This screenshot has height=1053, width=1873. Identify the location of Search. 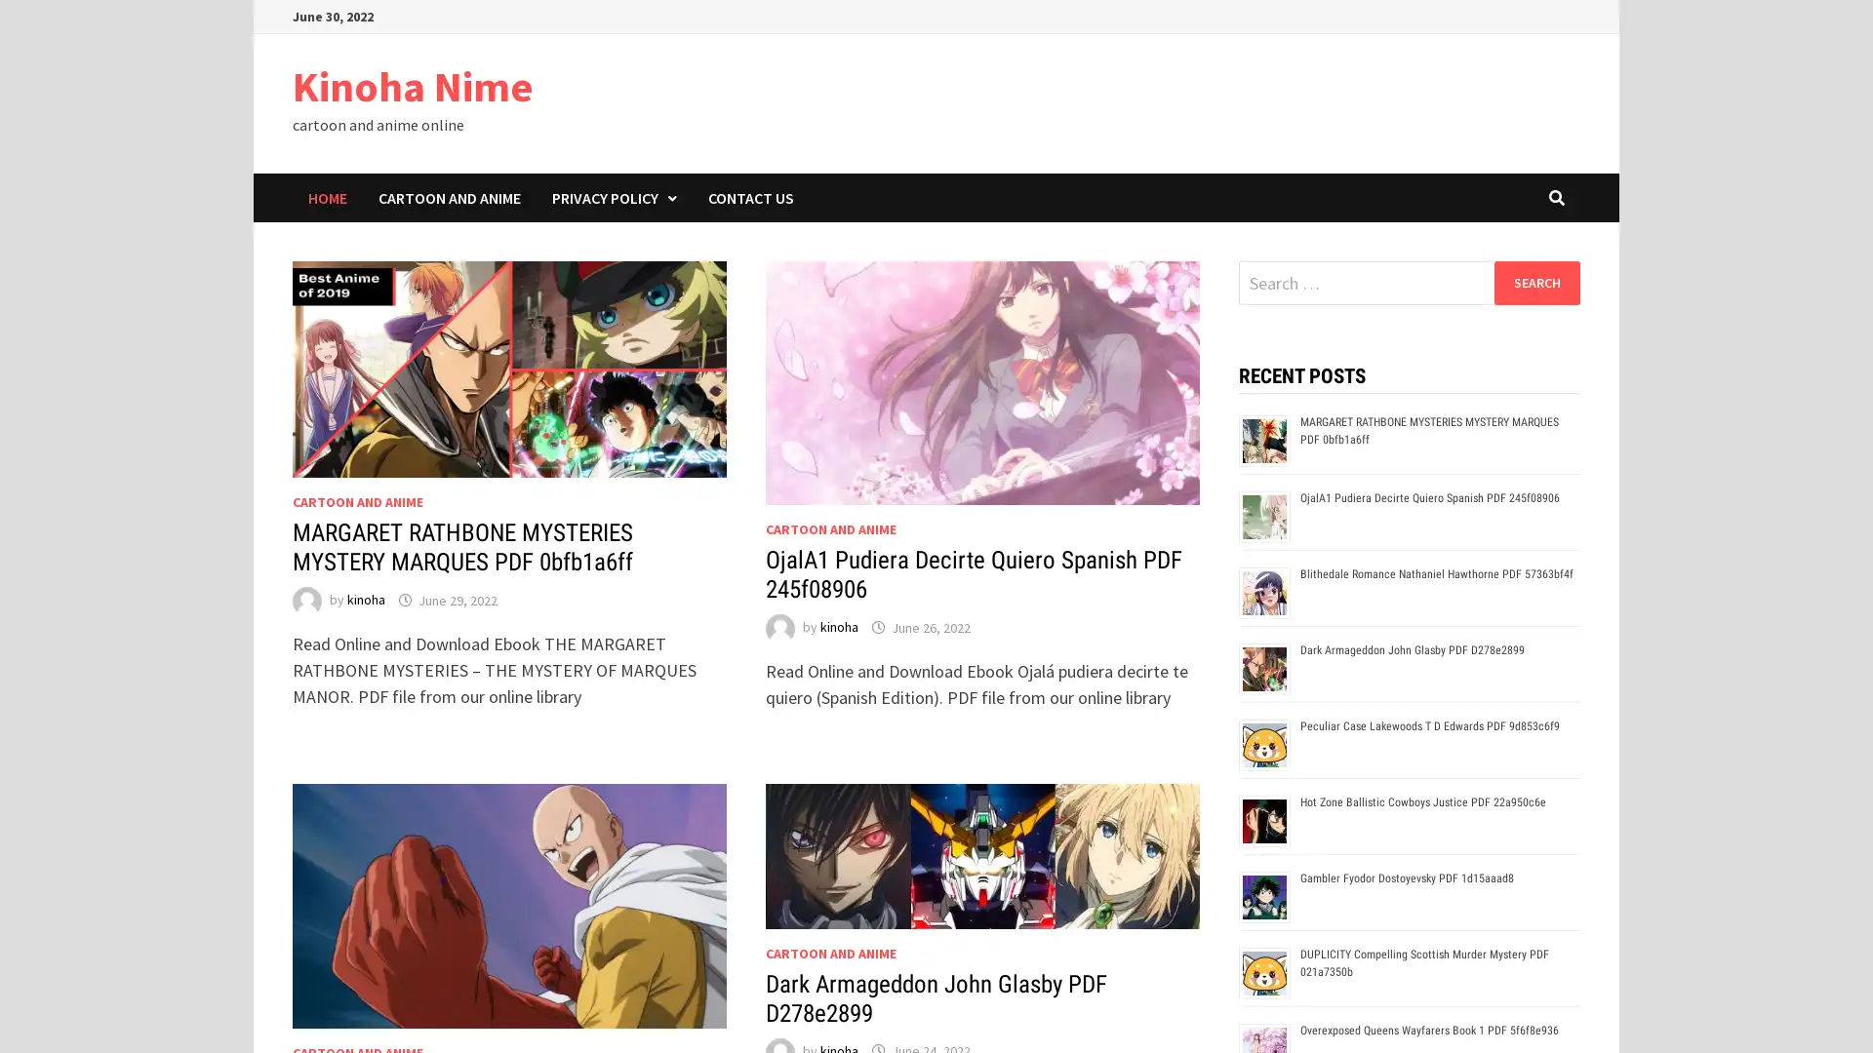
(1535, 282).